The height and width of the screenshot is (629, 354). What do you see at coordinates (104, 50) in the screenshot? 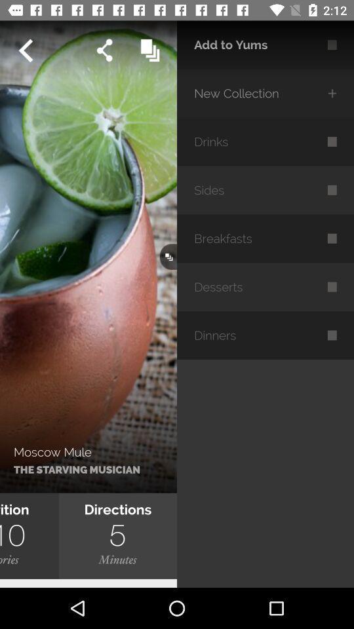
I see `share the article` at bounding box center [104, 50].